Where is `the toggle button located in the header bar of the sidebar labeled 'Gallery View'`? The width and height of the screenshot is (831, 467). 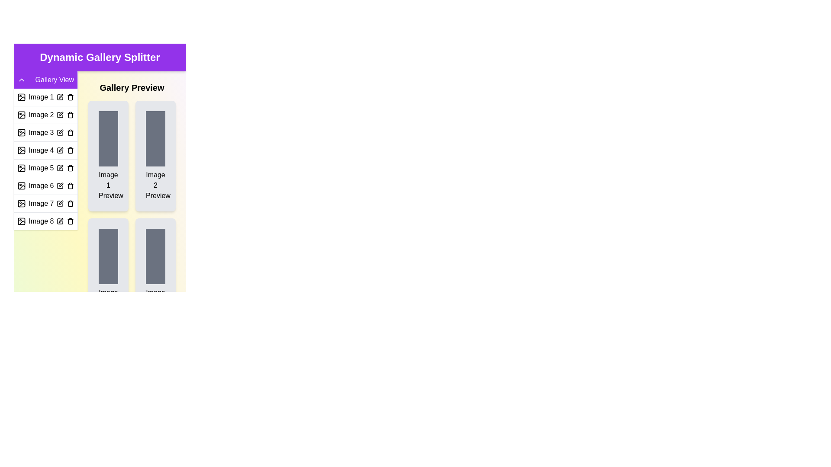 the toggle button located in the header bar of the sidebar labeled 'Gallery View' is located at coordinates (21, 80).